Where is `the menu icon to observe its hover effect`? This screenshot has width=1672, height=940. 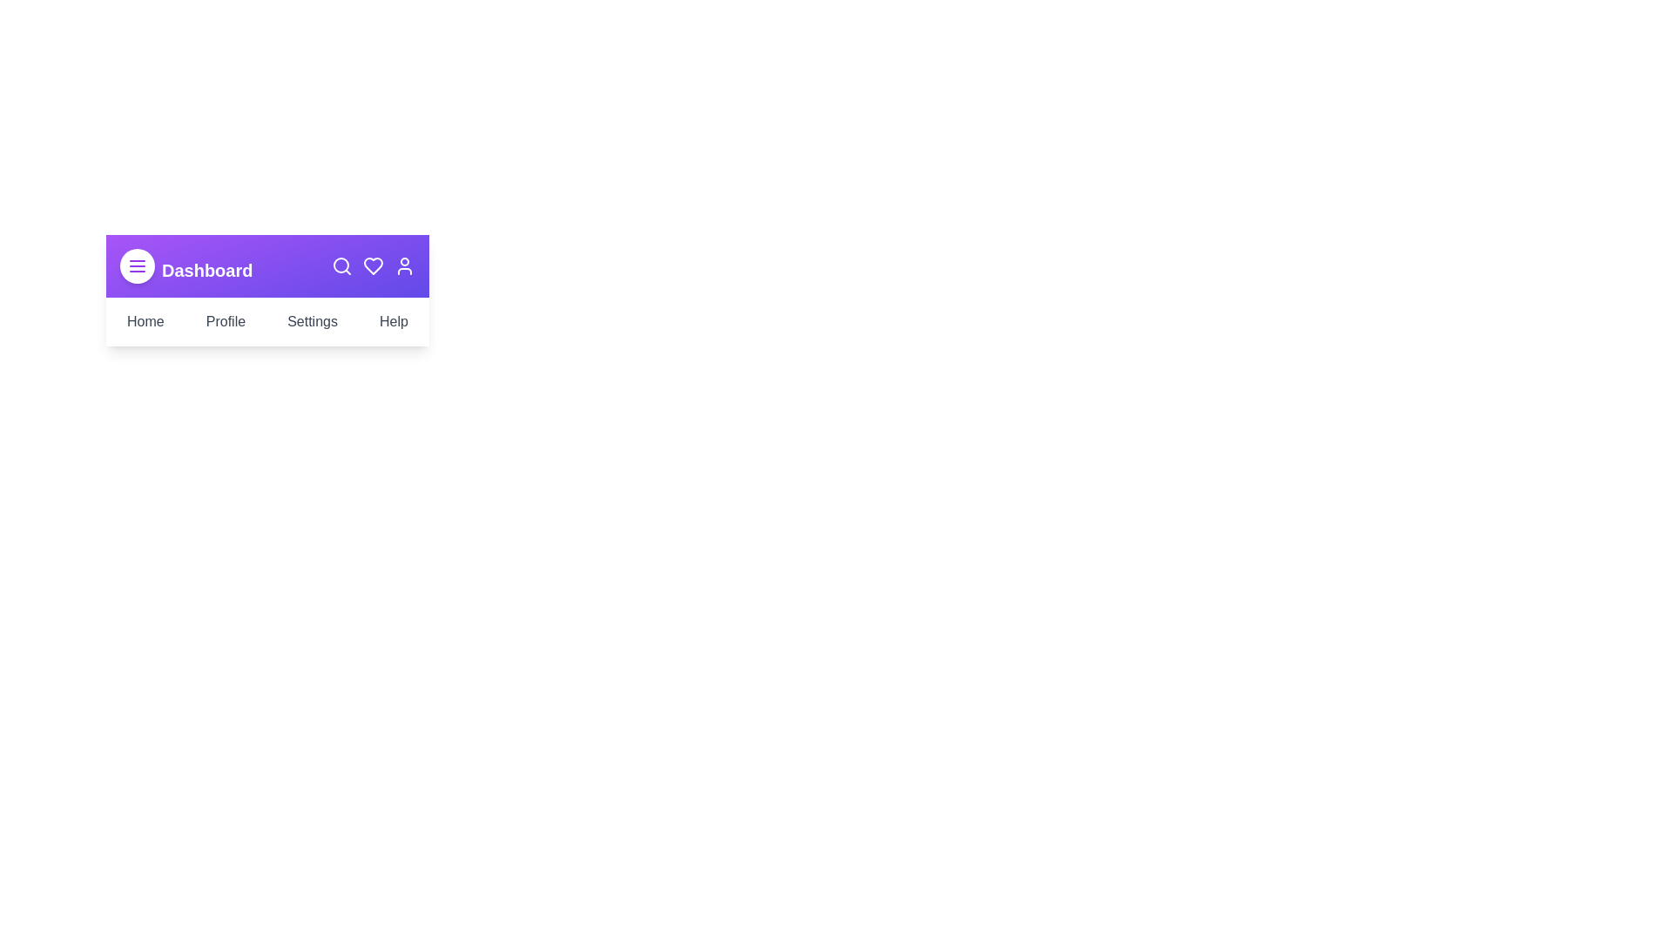 the menu icon to observe its hover effect is located at coordinates (137, 265).